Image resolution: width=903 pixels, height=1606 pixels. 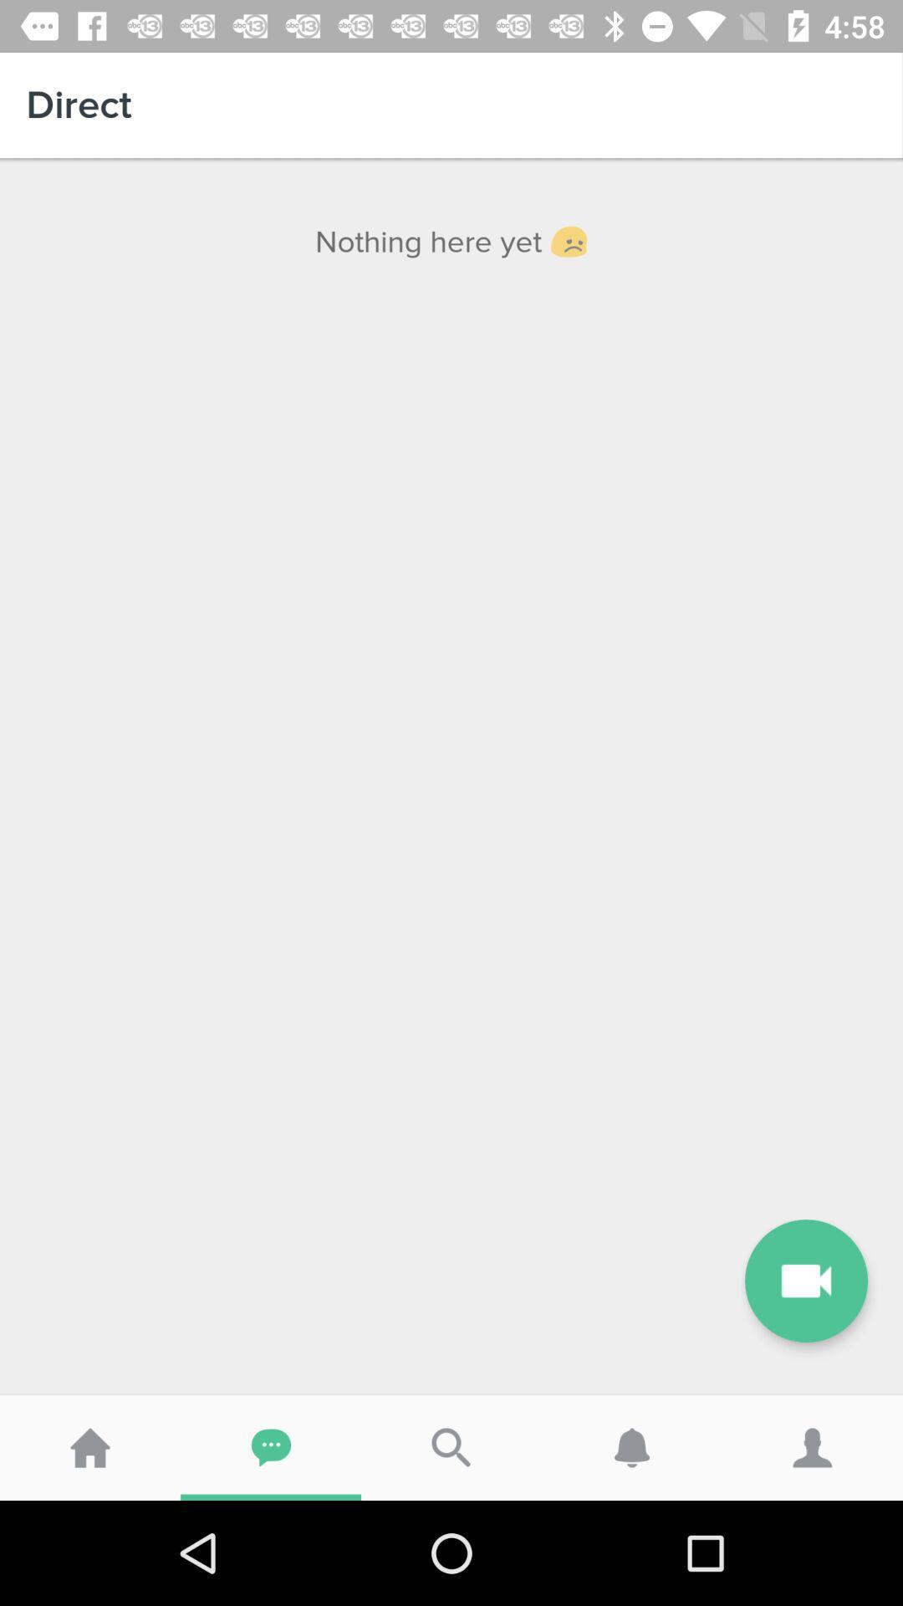 I want to click on direct, so click(x=451, y=104).